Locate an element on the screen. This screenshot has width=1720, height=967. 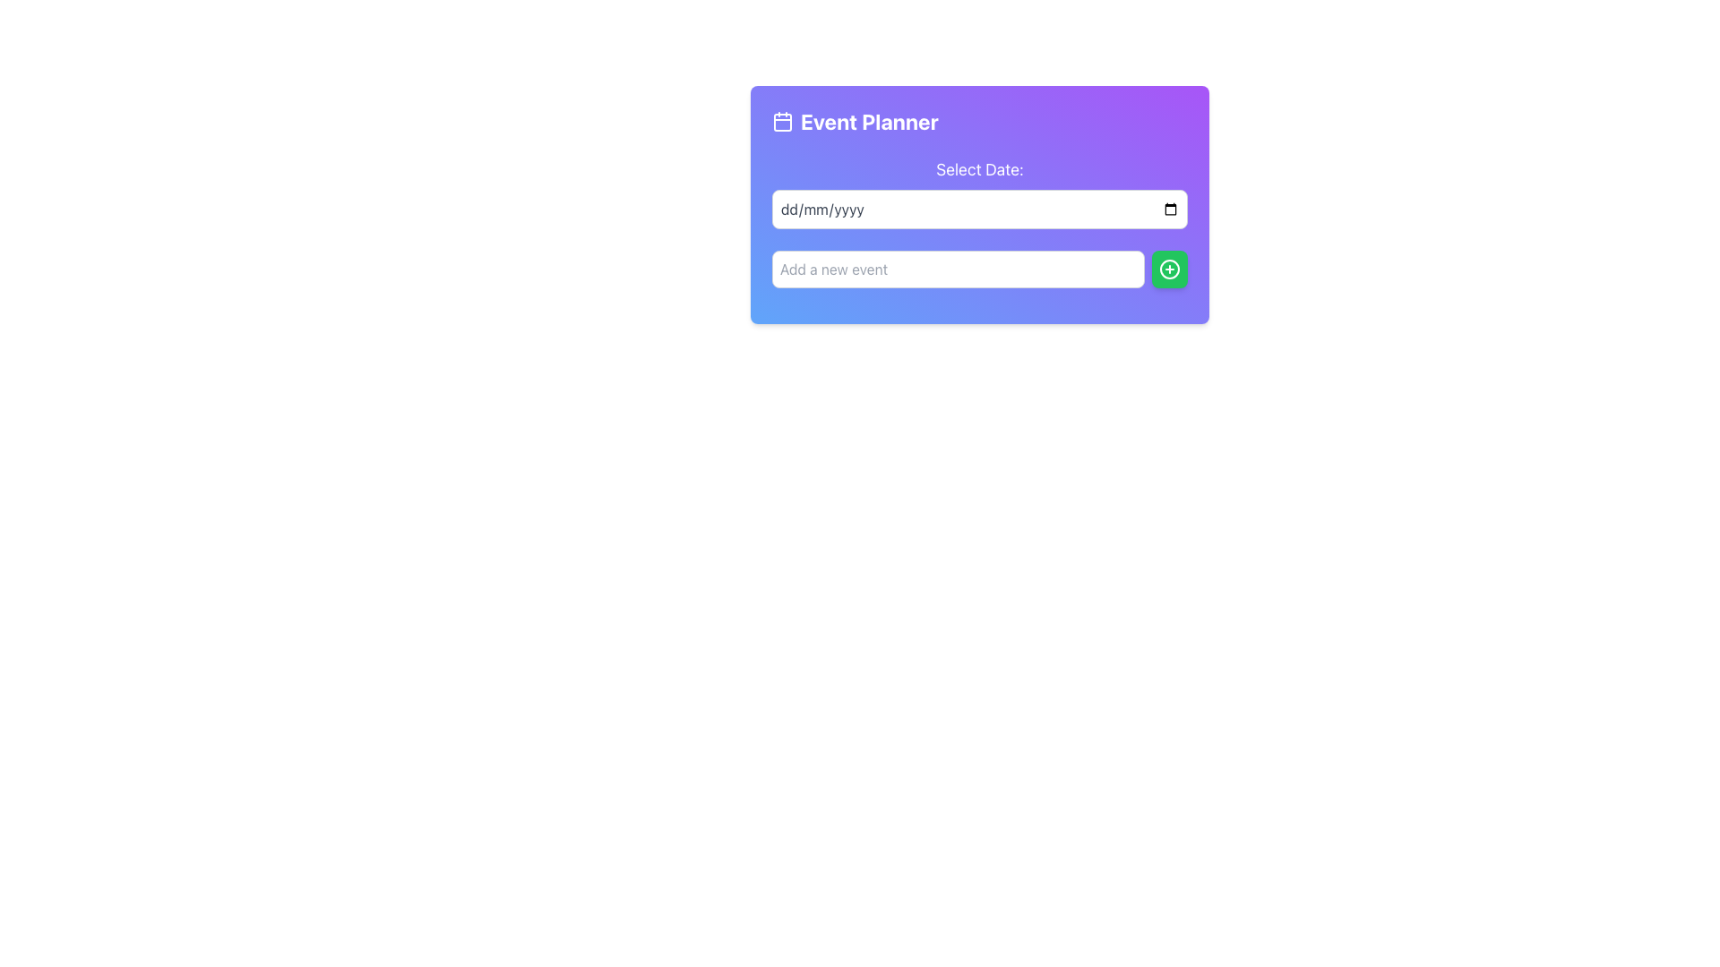
the date input field labeled 'Select Date:' is located at coordinates (979, 193).